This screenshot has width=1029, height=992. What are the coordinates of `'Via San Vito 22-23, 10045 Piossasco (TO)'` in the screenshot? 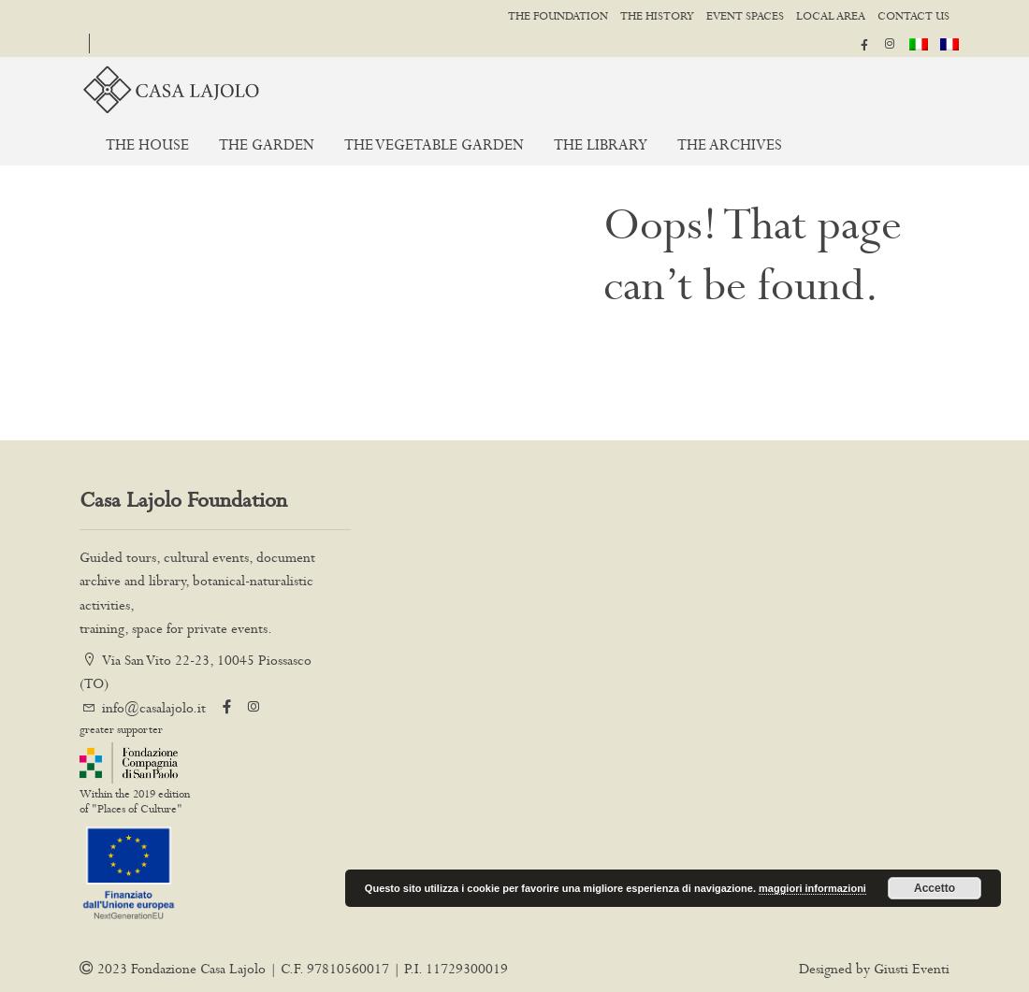 It's located at (196, 670).